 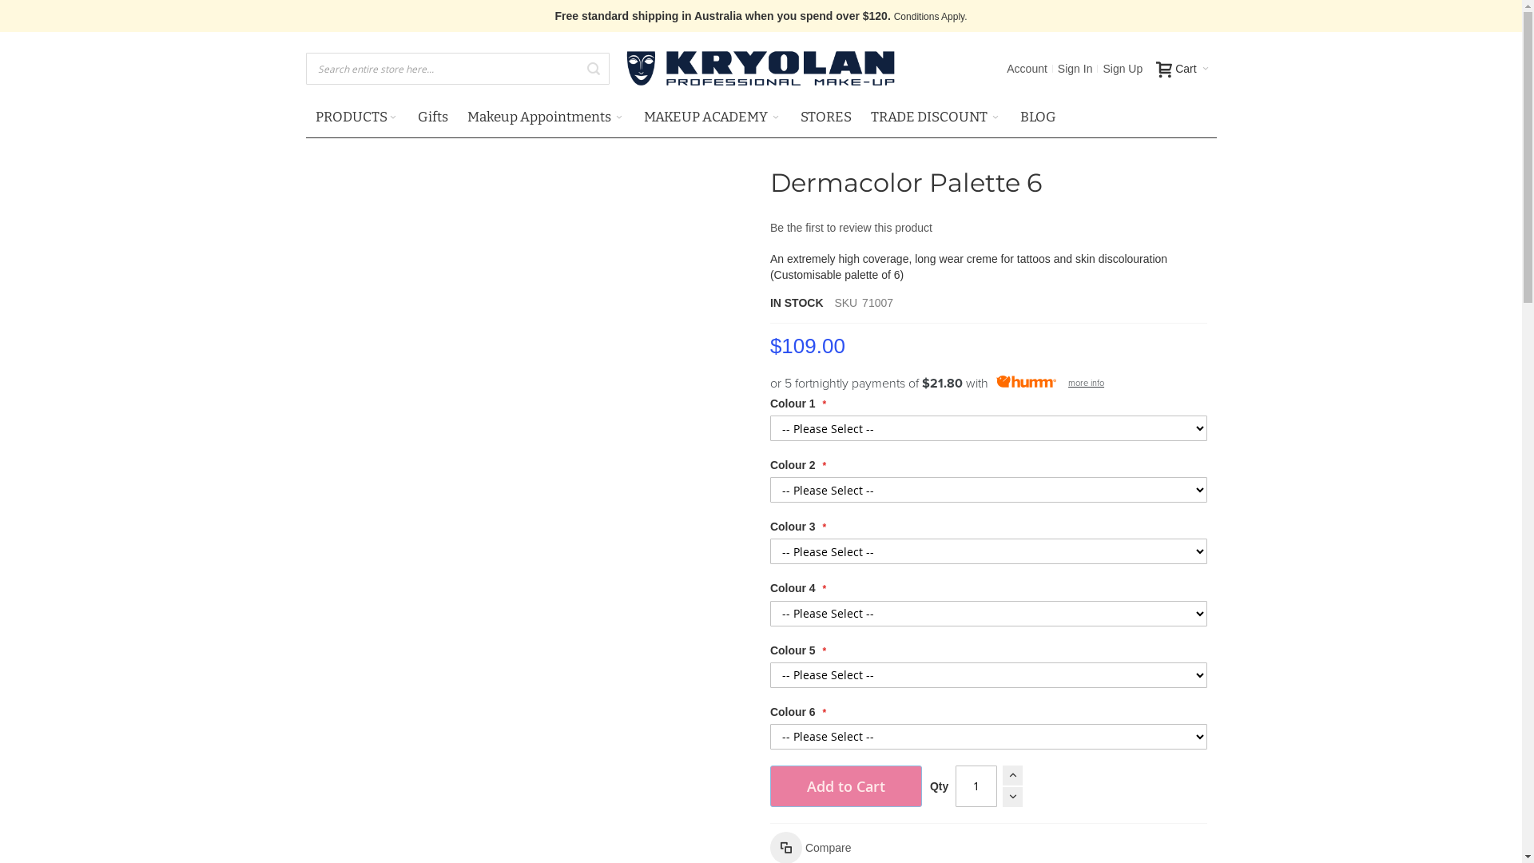 I want to click on 'Gifts', so click(x=407, y=116).